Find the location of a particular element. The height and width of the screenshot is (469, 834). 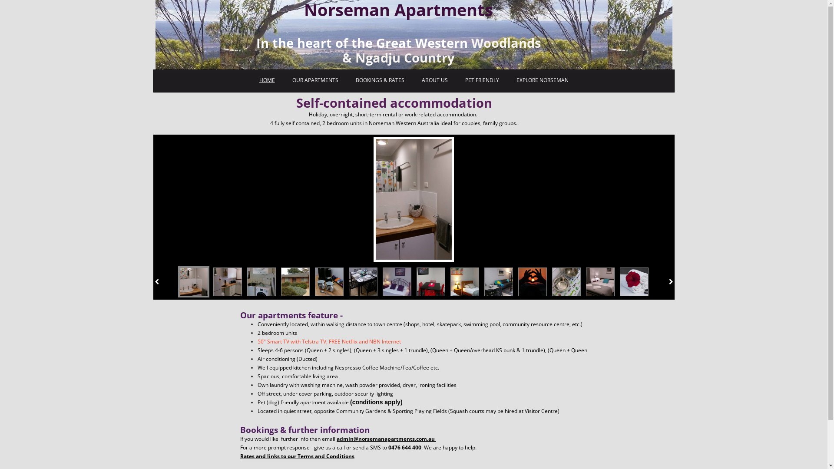

'ABOUT US' is located at coordinates (434, 81).